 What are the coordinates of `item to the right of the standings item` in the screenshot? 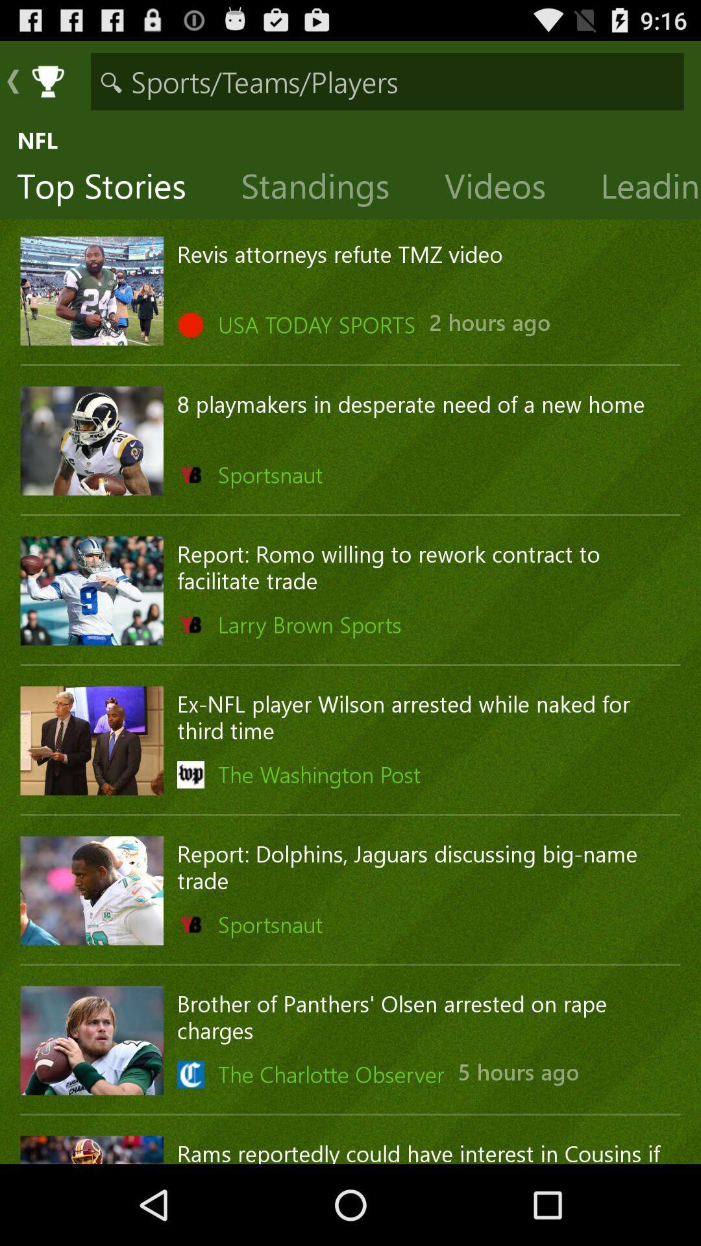 It's located at (504, 188).